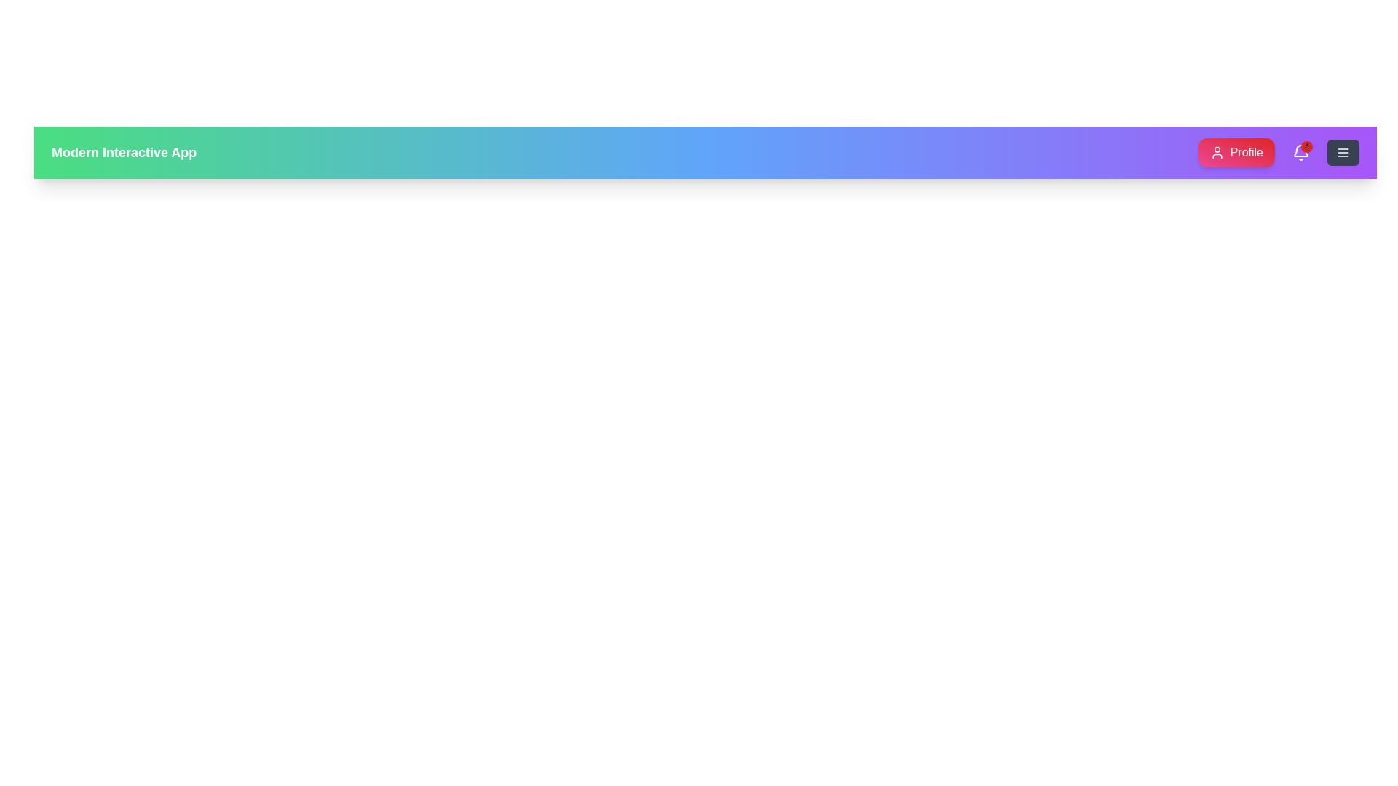 The image size is (1398, 786). What do you see at coordinates (1342, 152) in the screenshot?
I see `the menu button to open the navigation menu` at bounding box center [1342, 152].